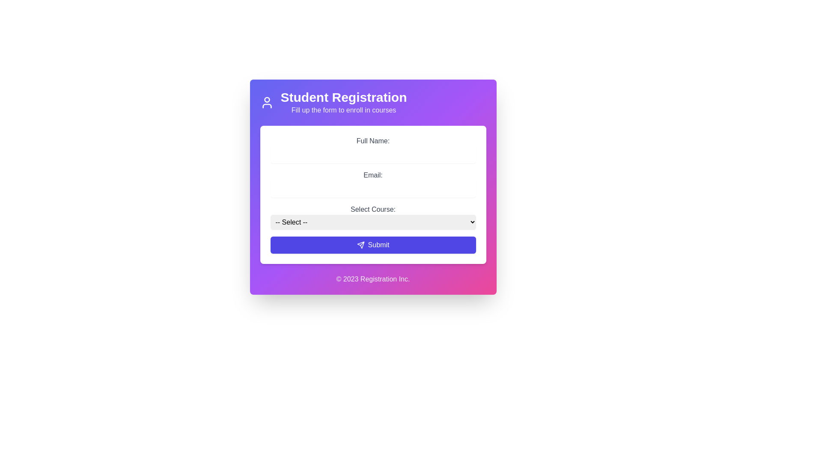  Describe the element at coordinates (373, 187) in the screenshot. I see `the email input field located within the registration form to focus on it` at that location.